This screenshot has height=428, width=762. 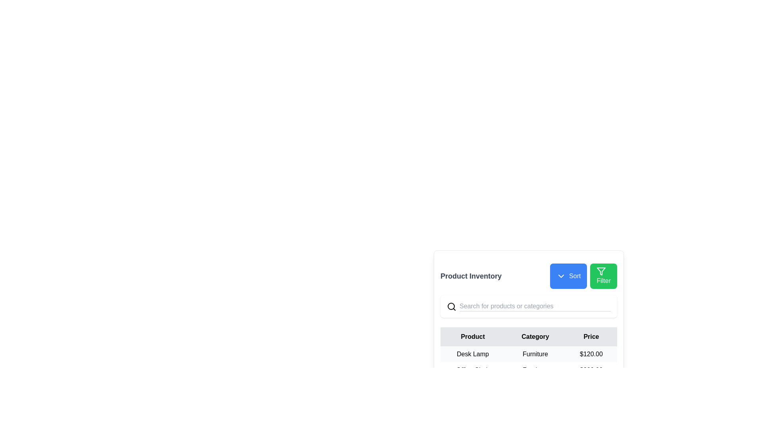 What do you see at coordinates (451, 306) in the screenshot?
I see `the circular ornamental part of the magnifying glass search icon located at the left side of the search bar in the Product Inventory section` at bounding box center [451, 306].